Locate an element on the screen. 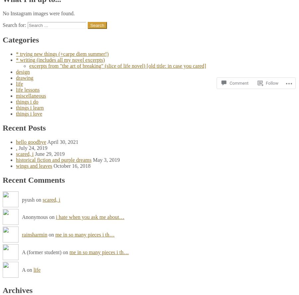  'hello goodbye' is located at coordinates (15, 142).